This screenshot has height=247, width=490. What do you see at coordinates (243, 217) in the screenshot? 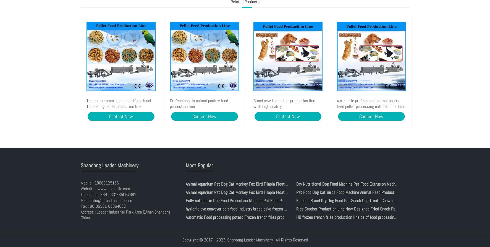
I see `'Automatic Food processing potato Frozen french fries production line'` at bounding box center [243, 217].